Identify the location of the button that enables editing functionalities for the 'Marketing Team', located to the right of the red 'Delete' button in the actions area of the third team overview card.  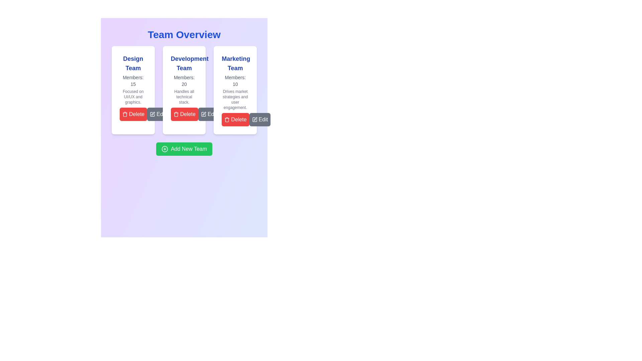
(259, 119).